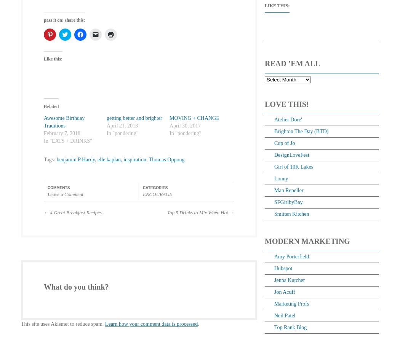 The width and height of the screenshot is (400, 352). What do you see at coordinates (50, 159) in the screenshot?
I see `'Tags:'` at bounding box center [50, 159].